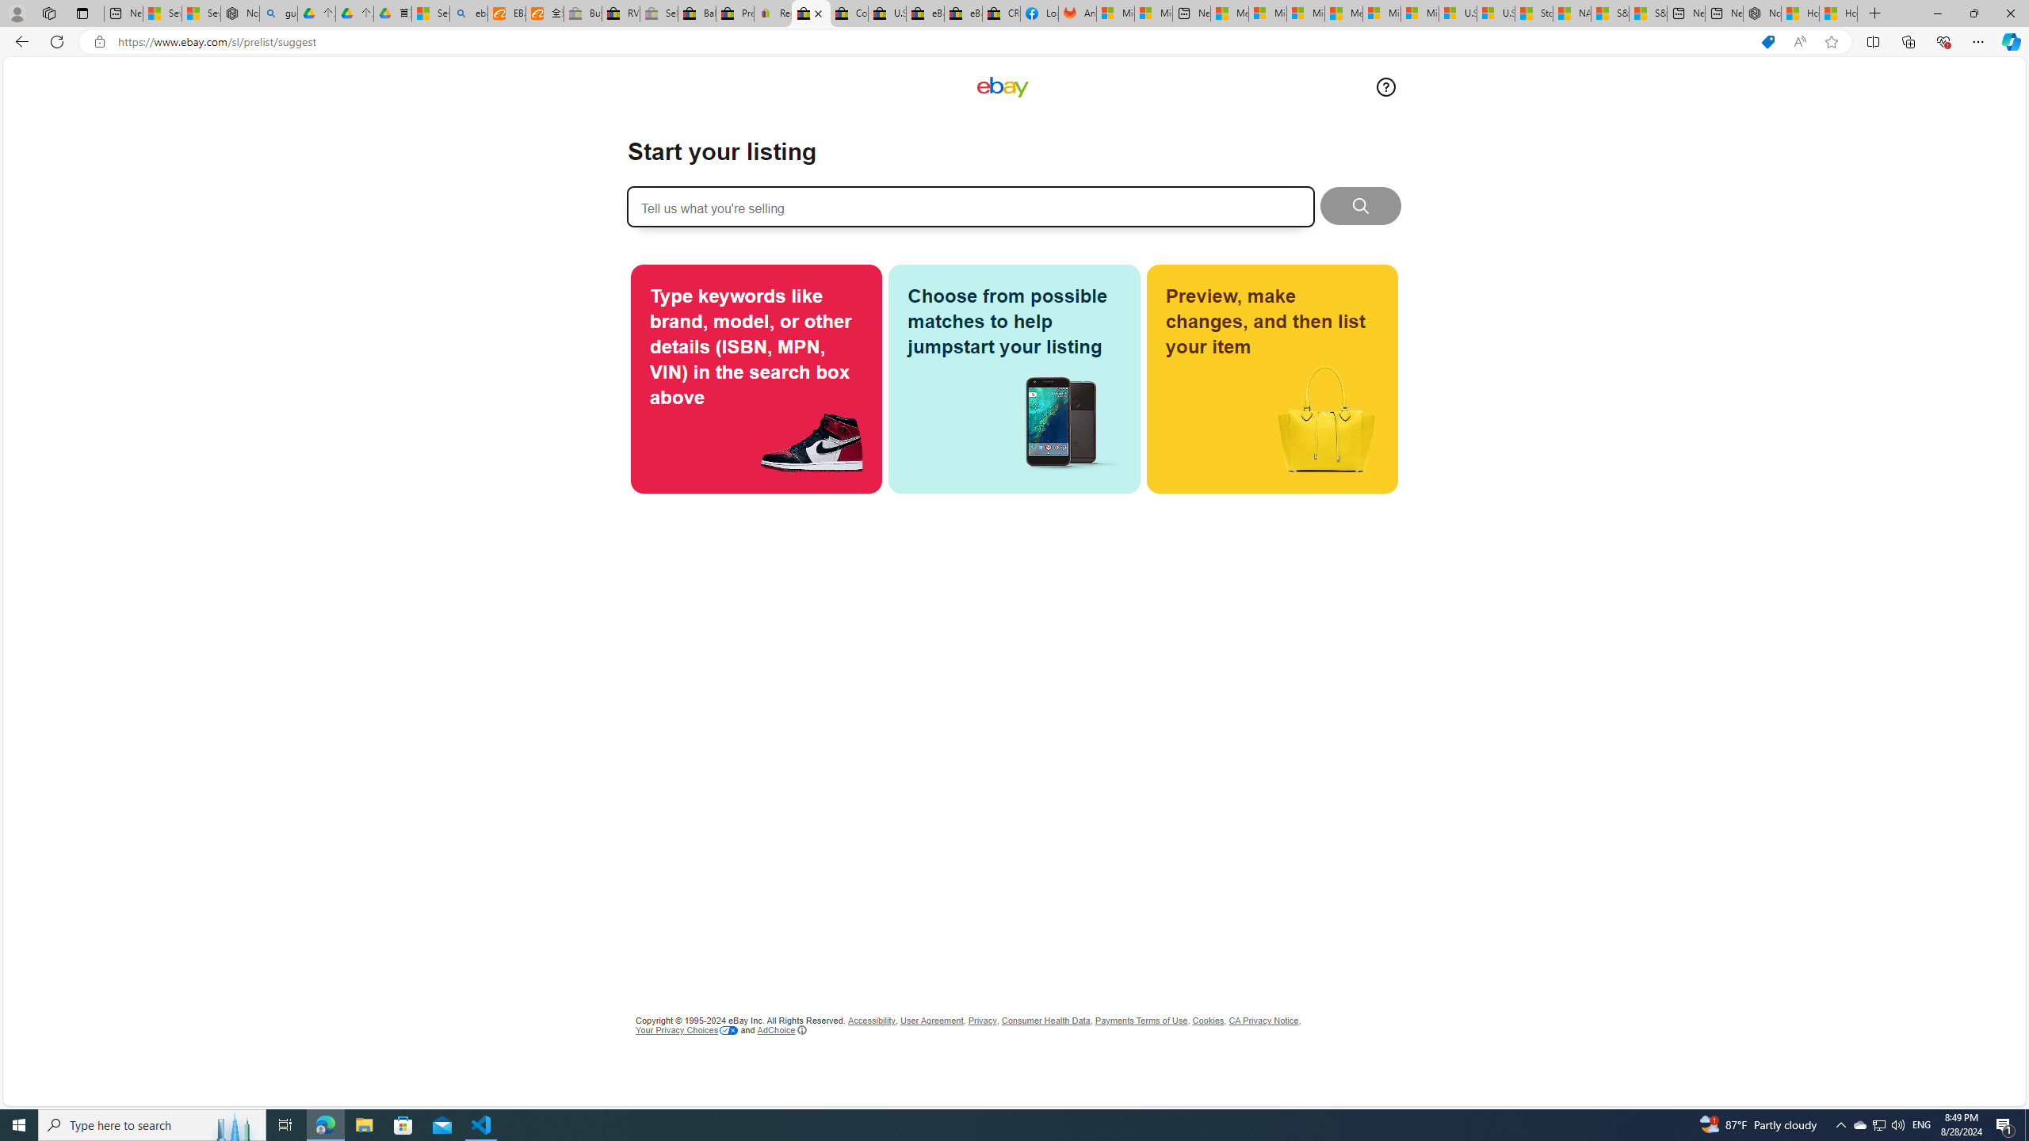 Image resolution: width=2029 pixels, height=1141 pixels. What do you see at coordinates (1767, 42) in the screenshot?
I see `'This site has coupons! Shopping in Microsoft Edge'` at bounding box center [1767, 42].